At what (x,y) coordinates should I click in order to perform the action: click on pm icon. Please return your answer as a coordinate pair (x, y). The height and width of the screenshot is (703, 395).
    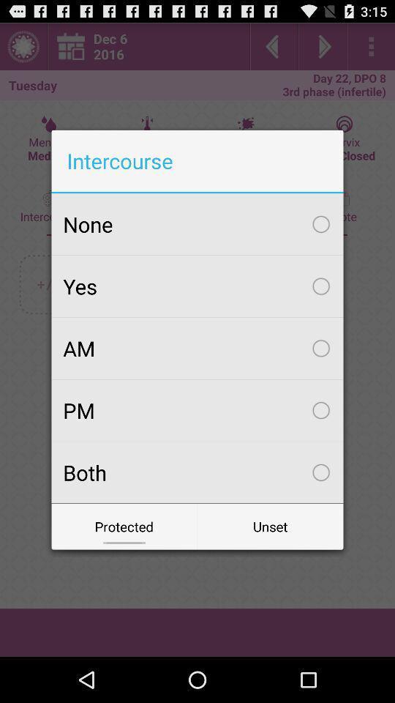
    Looking at the image, I should click on (197, 410).